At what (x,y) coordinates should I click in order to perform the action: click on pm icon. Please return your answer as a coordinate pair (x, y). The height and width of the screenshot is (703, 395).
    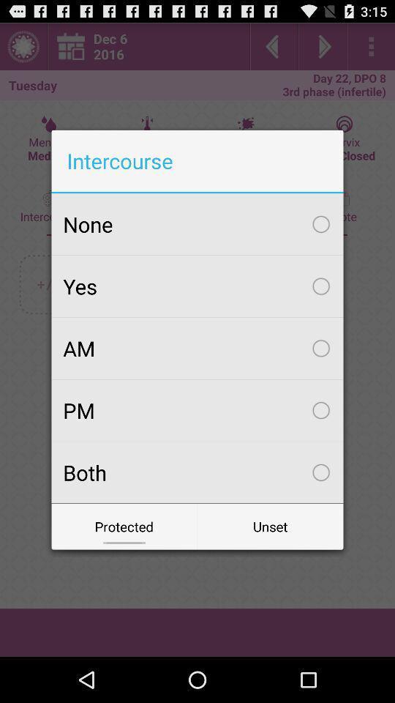
    Looking at the image, I should click on (197, 410).